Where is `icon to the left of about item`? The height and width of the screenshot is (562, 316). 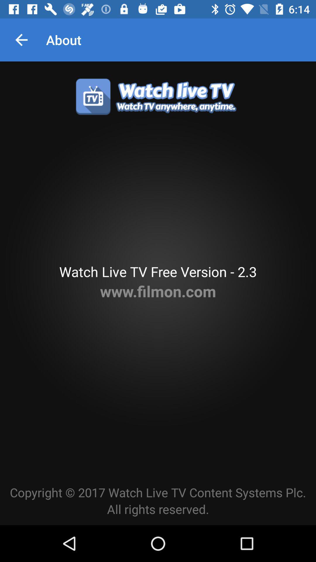
icon to the left of about item is located at coordinates (21, 40).